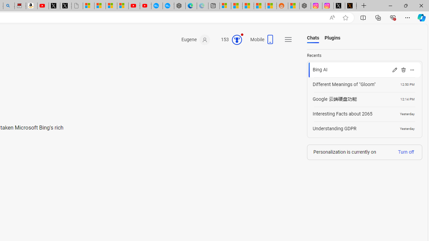  I want to click on 'Untitled', so click(77, 6).